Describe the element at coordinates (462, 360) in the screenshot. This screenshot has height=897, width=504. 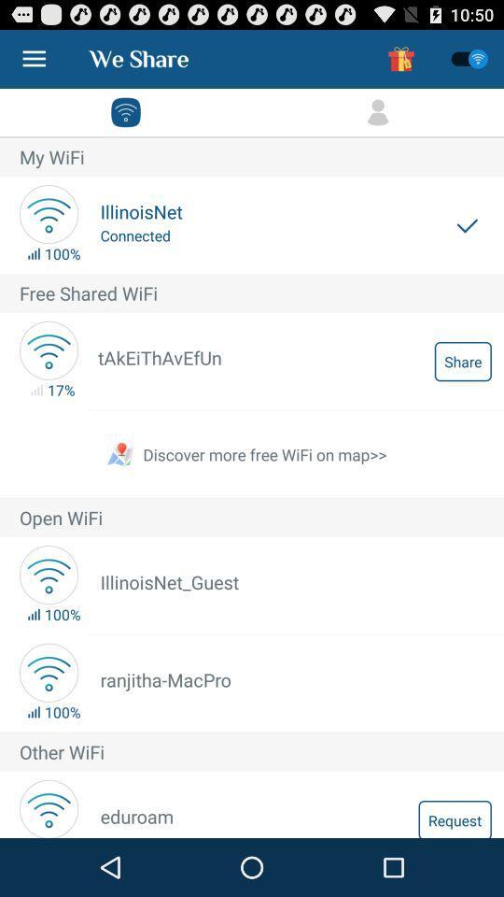
I see `the share icon` at that location.